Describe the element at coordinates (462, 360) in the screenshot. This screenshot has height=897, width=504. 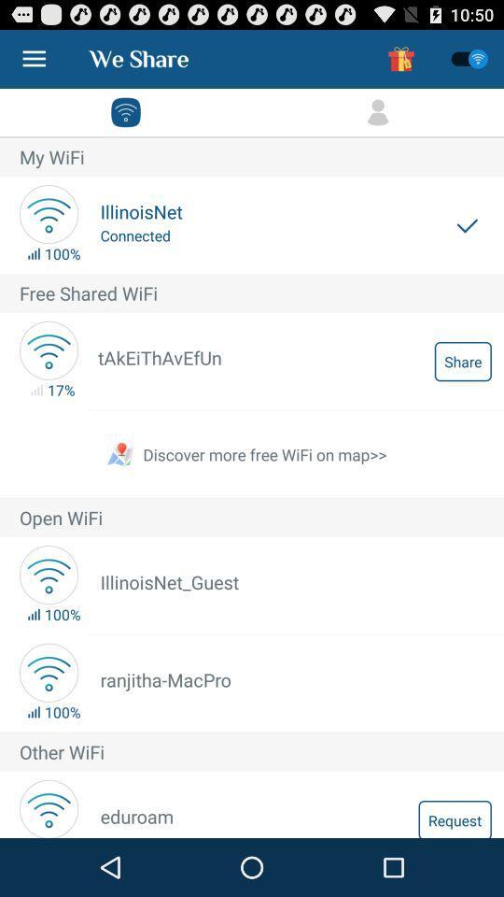
I see `the share icon` at that location.